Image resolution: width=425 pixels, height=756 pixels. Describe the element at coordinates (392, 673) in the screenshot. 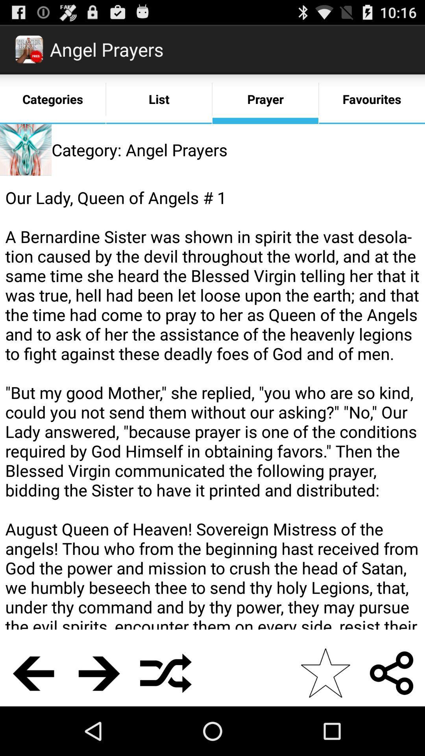

I see `the item below our lady queen` at that location.